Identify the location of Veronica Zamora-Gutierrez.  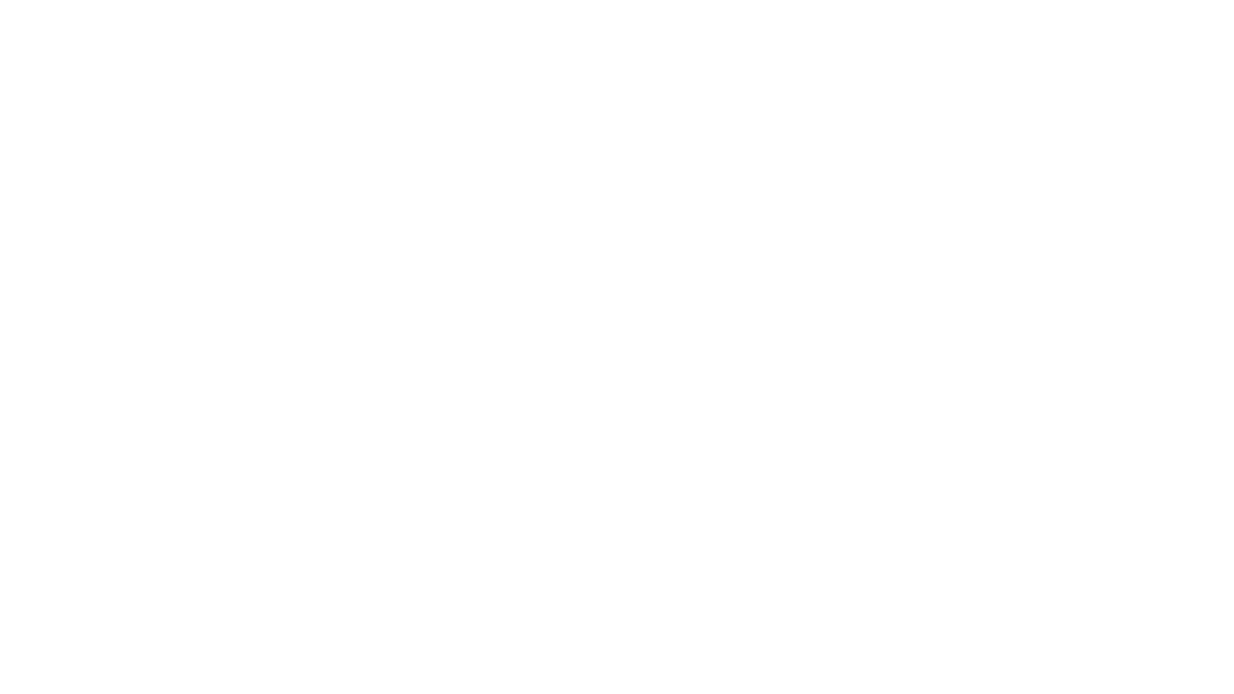
(610, 172).